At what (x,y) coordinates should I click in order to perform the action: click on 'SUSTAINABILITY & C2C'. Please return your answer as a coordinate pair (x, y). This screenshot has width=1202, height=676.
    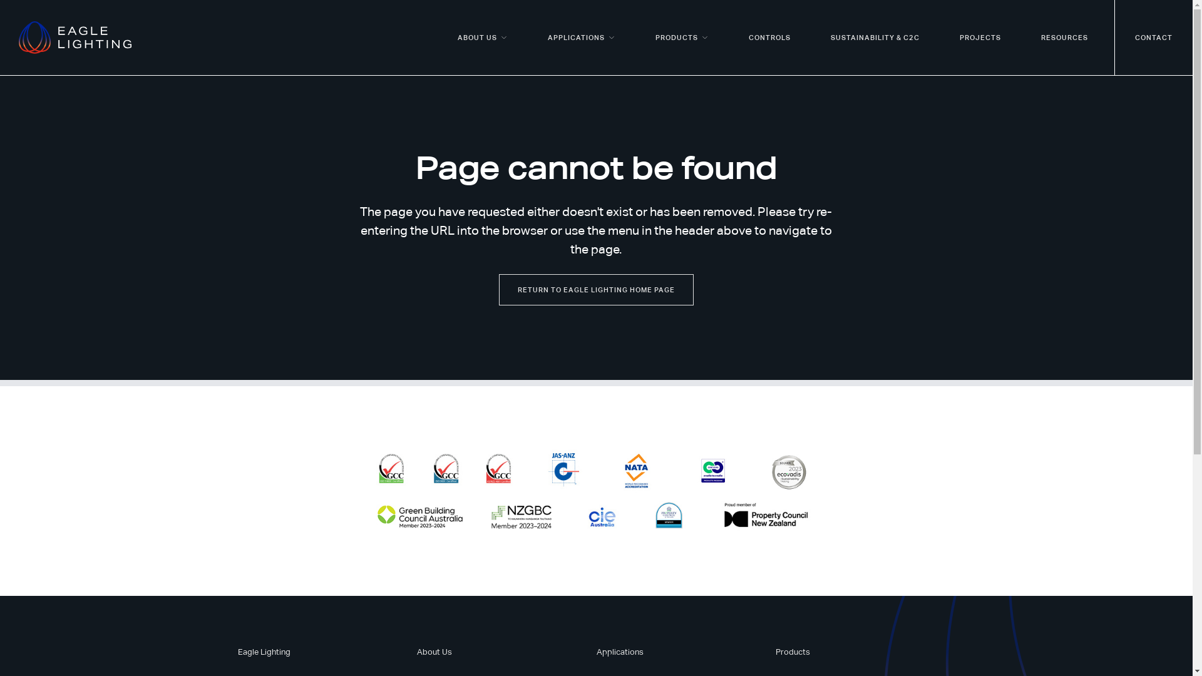
    Looking at the image, I should click on (811, 37).